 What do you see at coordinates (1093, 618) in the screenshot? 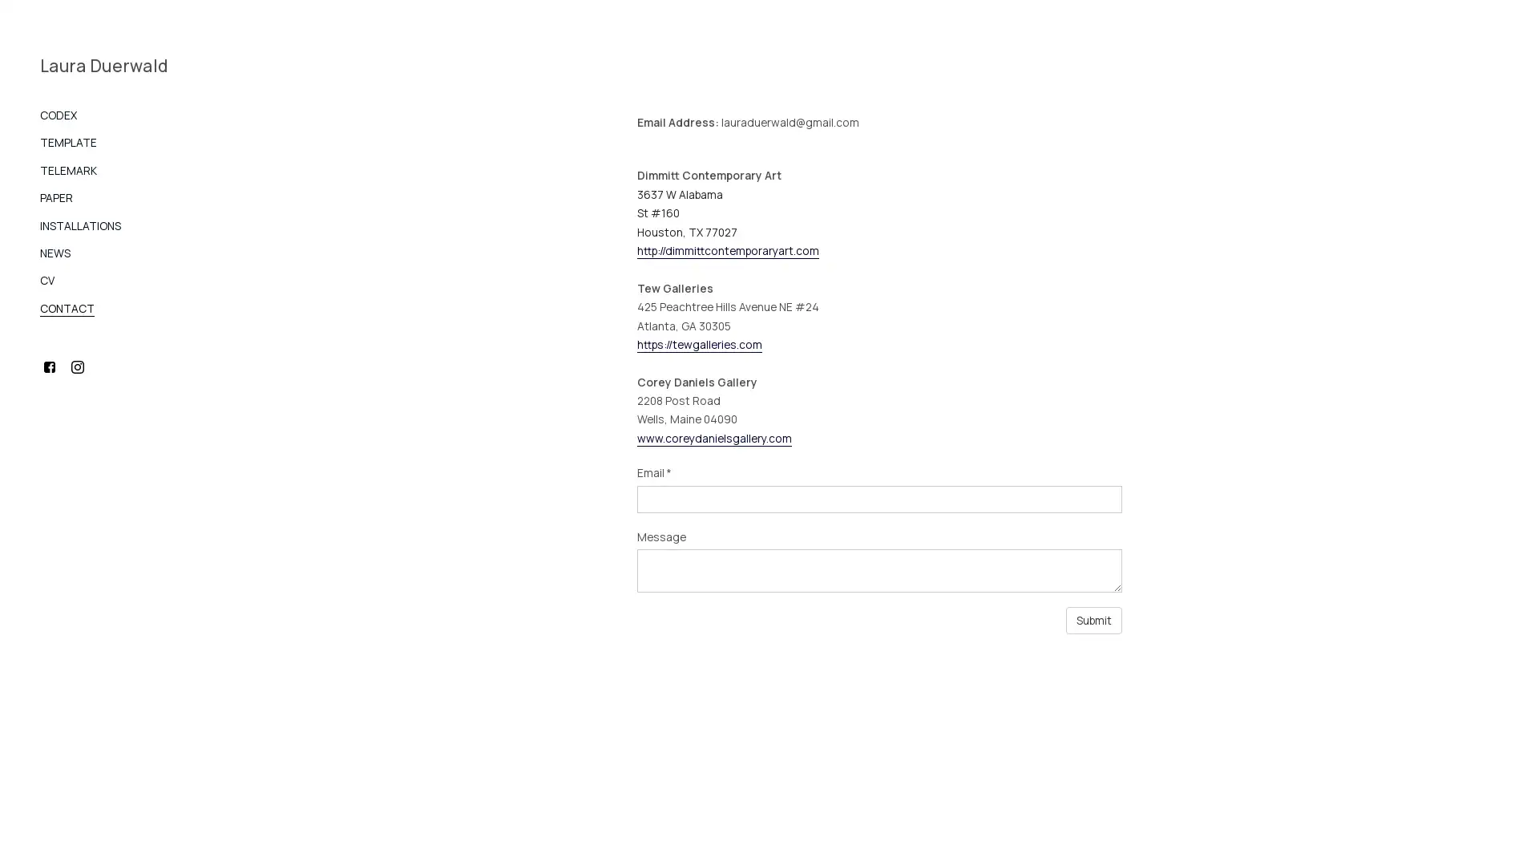
I see `Submit` at bounding box center [1093, 618].